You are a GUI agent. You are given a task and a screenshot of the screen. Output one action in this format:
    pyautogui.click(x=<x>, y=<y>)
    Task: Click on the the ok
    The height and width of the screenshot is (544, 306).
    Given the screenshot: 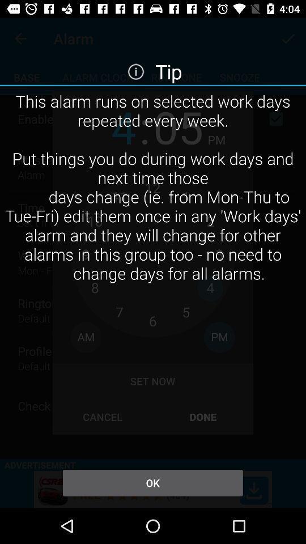 What is the action you would take?
    pyautogui.click(x=152, y=482)
    